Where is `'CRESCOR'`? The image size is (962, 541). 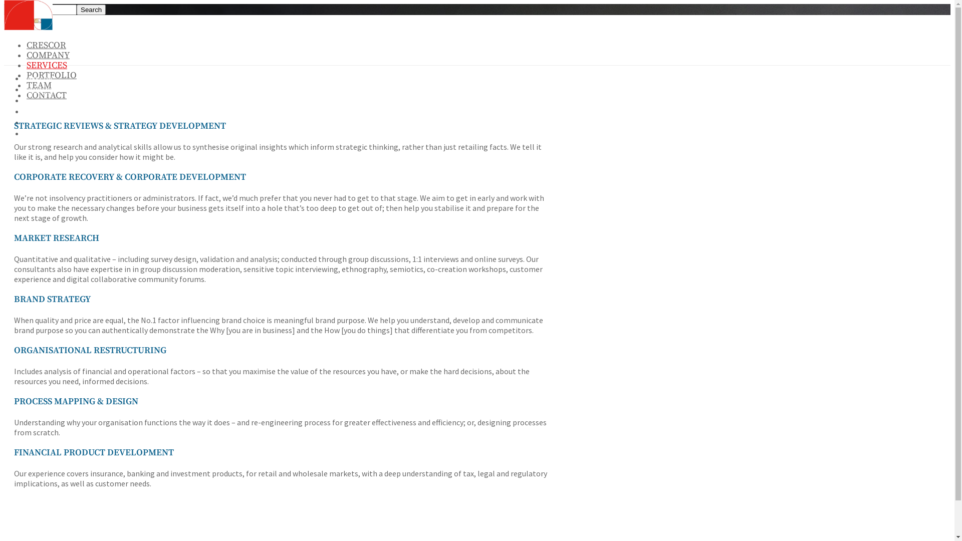
'CRESCOR' is located at coordinates (46, 45).